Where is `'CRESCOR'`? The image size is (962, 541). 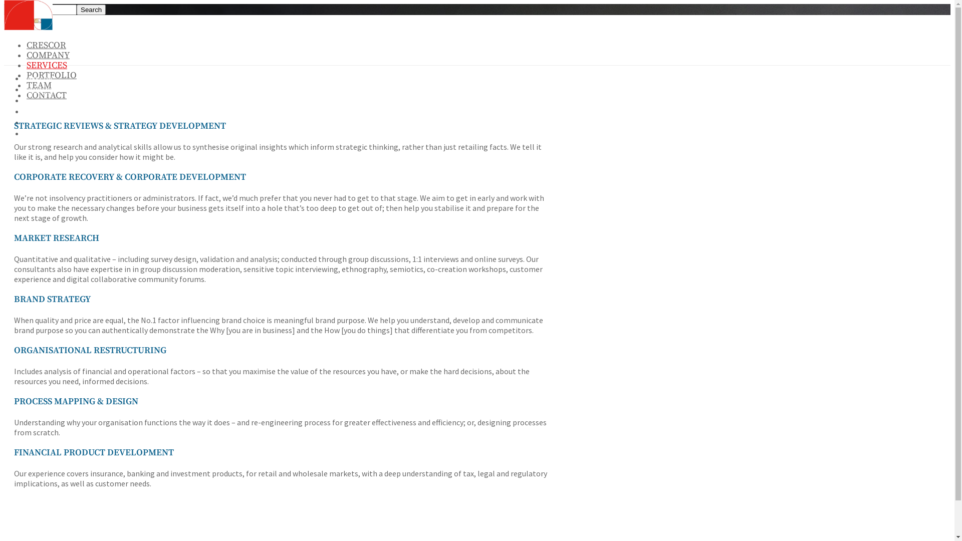
'CRESCOR' is located at coordinates (46, 45).